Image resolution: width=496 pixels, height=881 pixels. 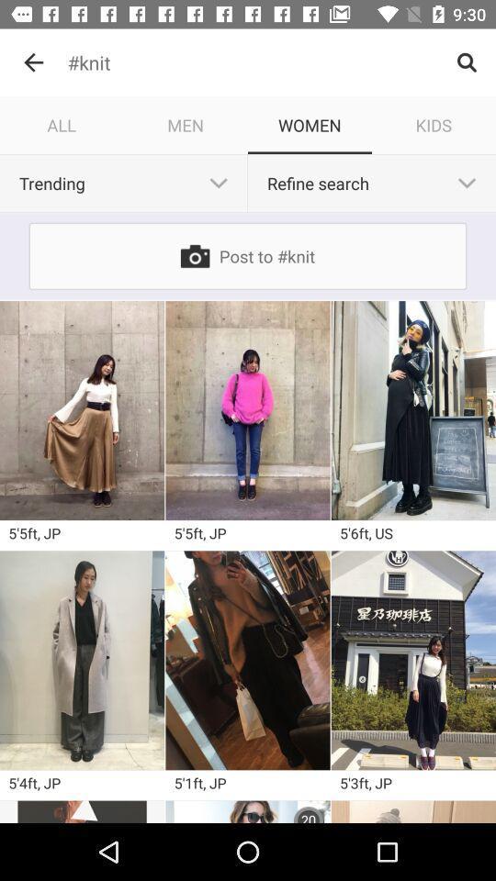 I want to click on image for the search knit women dress, so click(x=413, y=410).